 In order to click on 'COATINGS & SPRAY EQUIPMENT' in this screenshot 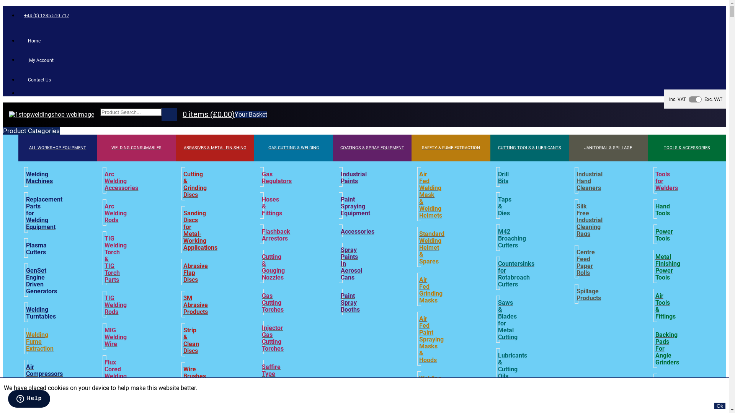, I will do `click(372, 148)`.